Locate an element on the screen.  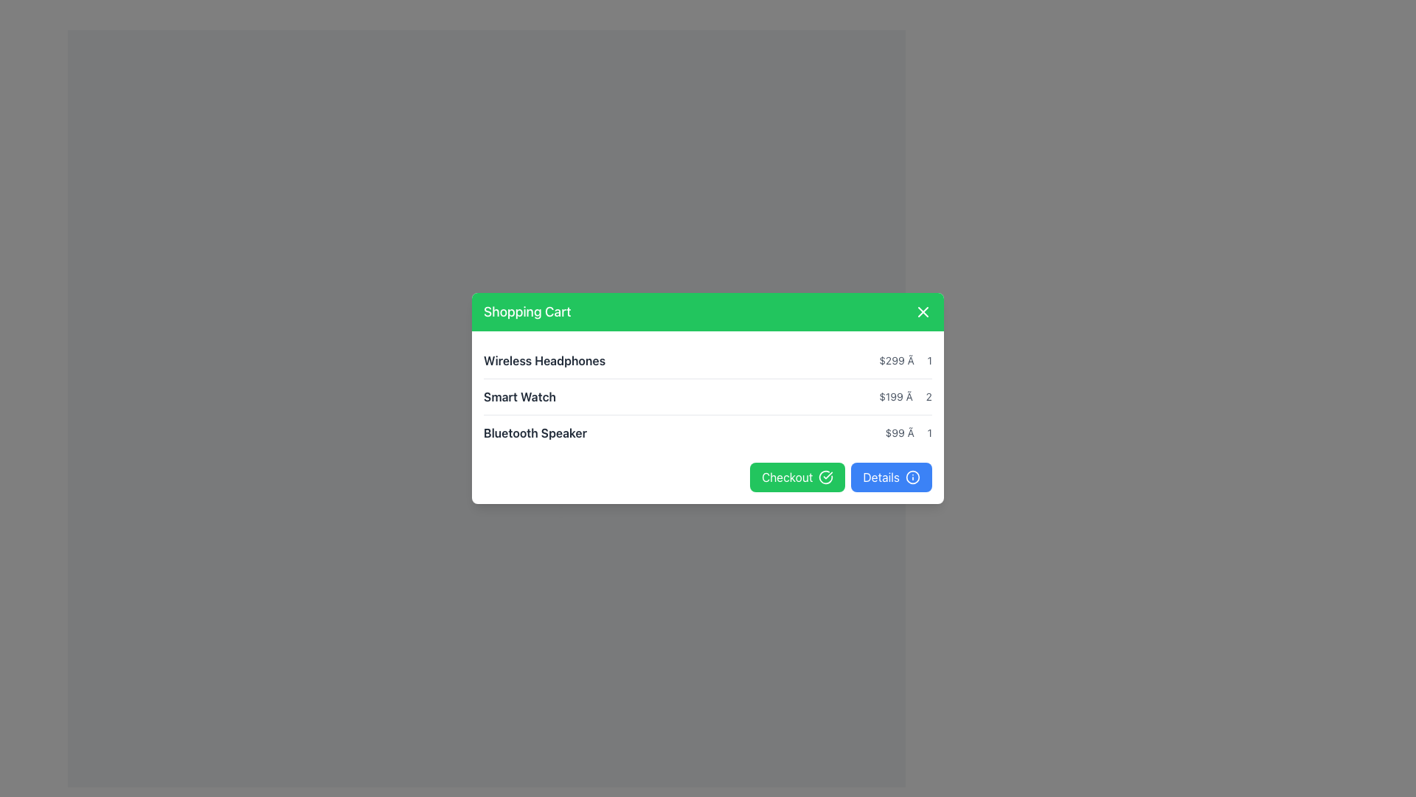
visually on the decorative confirmation icon located on the right side of the green 'Checkout' button is located at coordinates (826, 477).